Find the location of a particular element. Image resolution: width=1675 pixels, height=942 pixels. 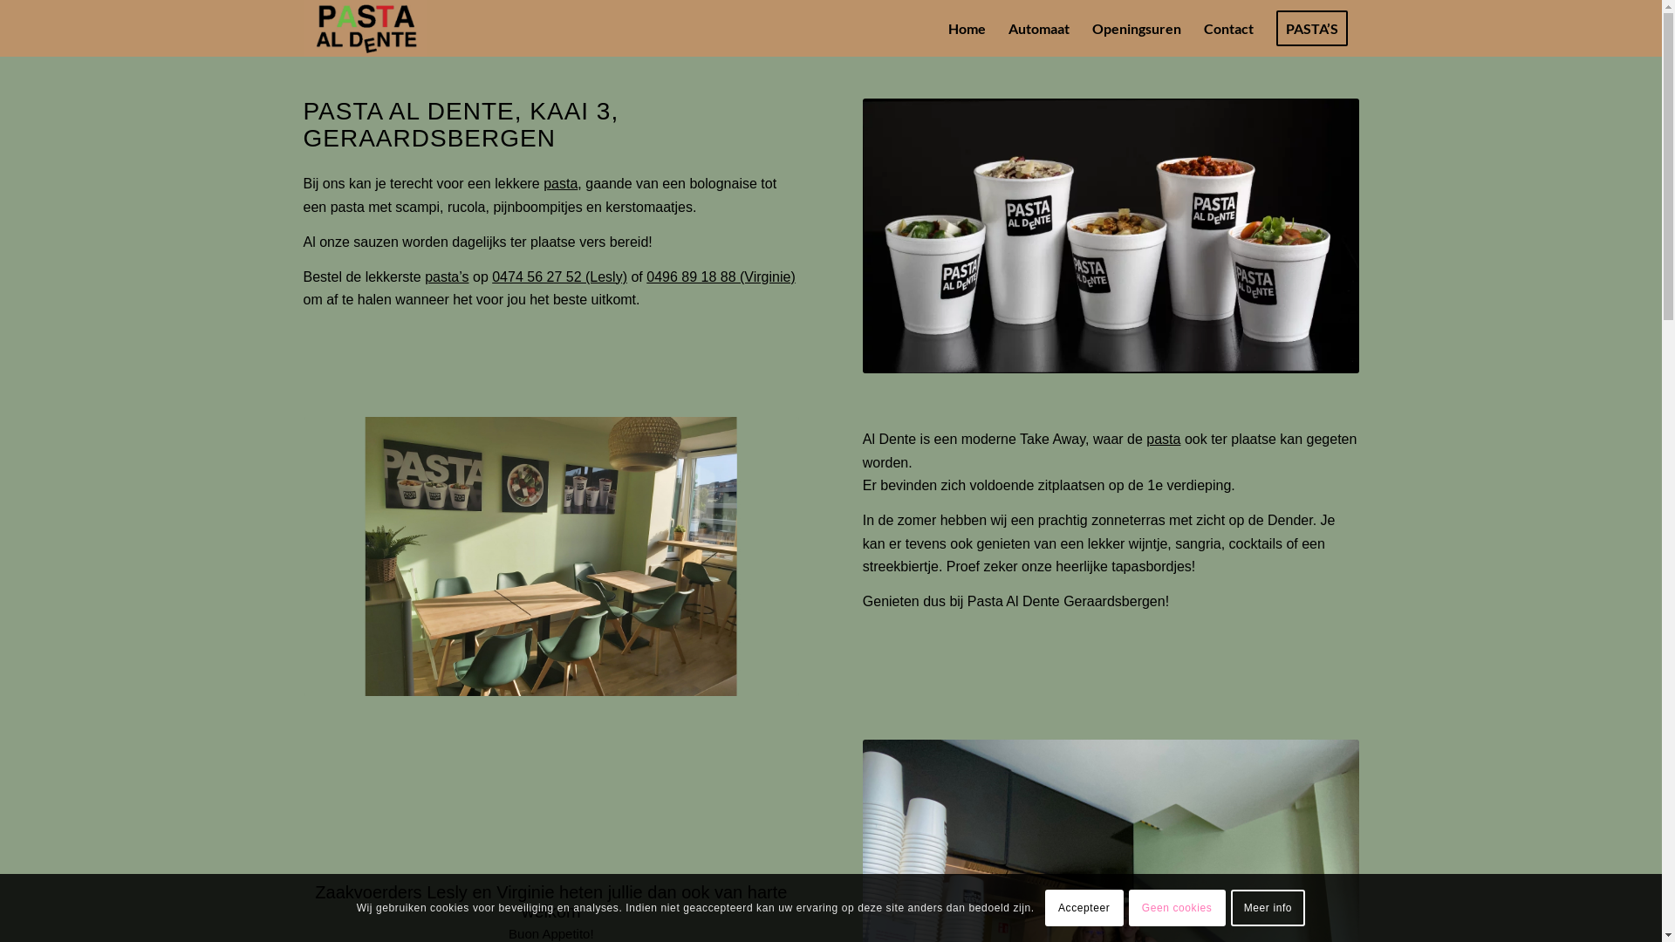

'0496 89 18 88 (Virginie)' is located at coordinates (721, 276).